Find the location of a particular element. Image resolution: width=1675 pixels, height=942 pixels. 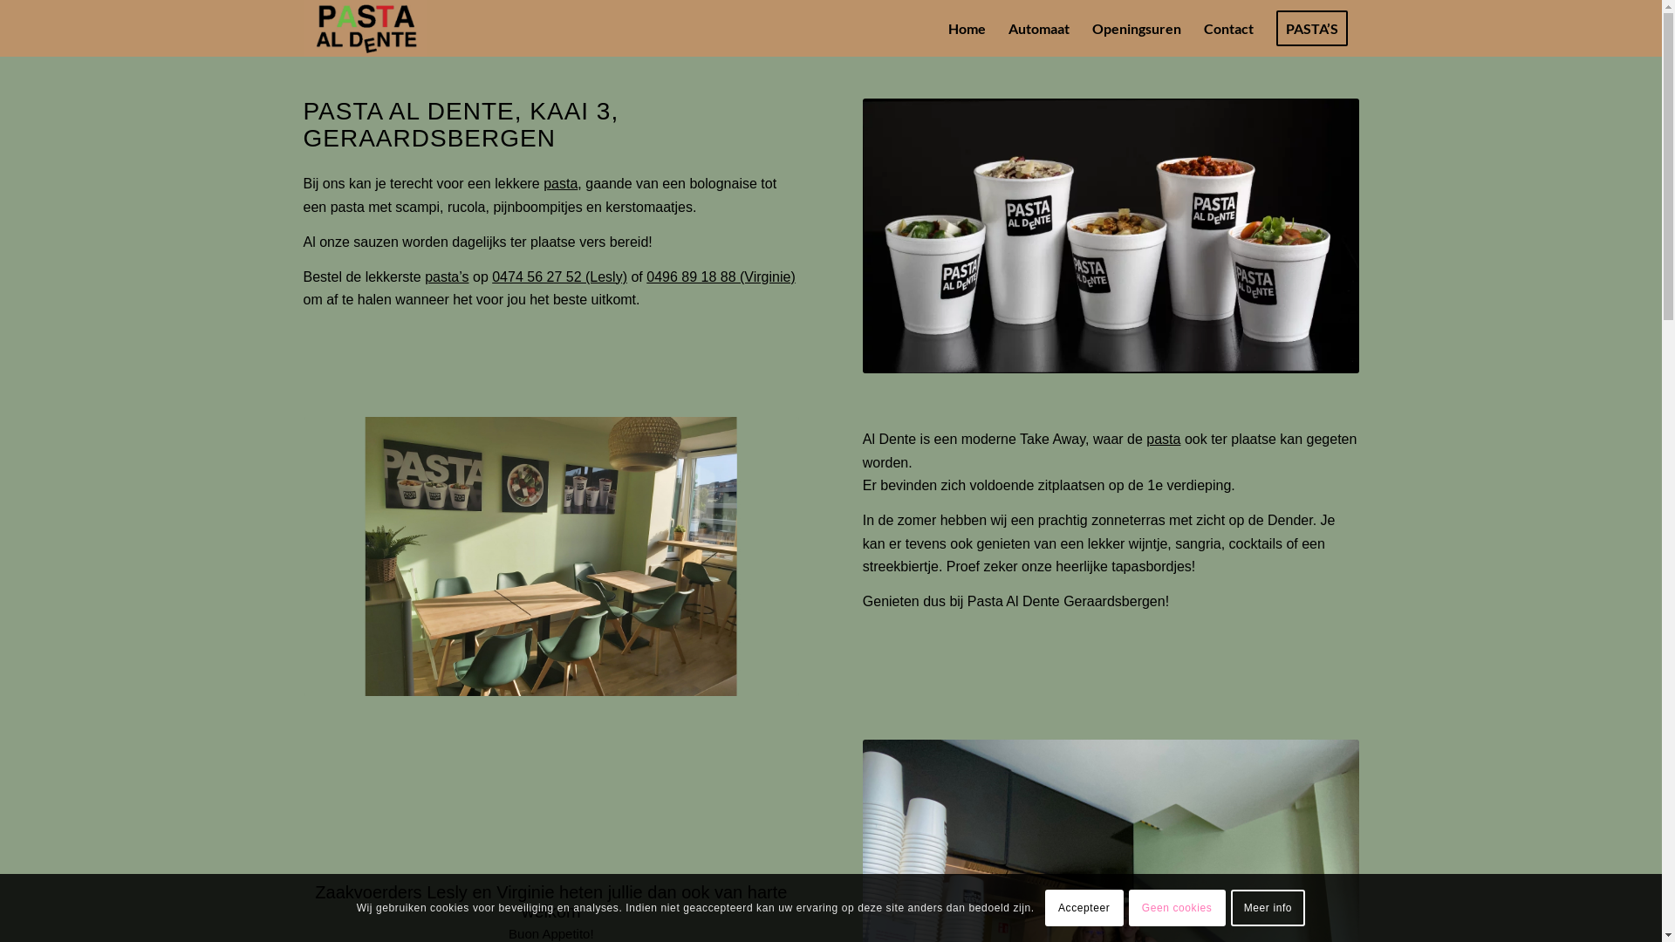

'0496 89 18 88 (Virginie)' is located at coordinates (721, 276).